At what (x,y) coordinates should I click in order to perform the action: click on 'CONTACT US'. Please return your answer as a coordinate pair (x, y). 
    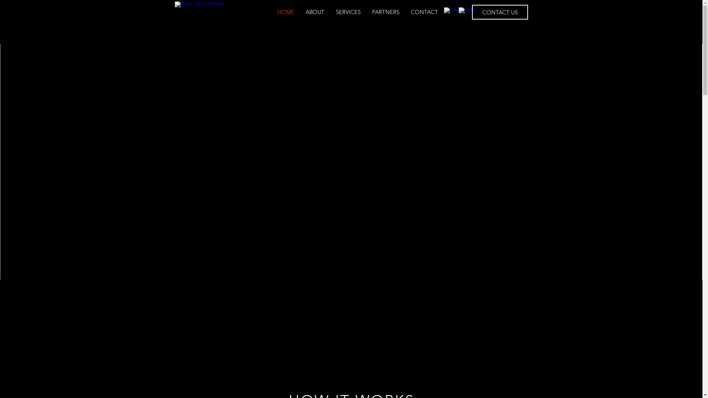
    Looking at the image, I should click on (500, 12).